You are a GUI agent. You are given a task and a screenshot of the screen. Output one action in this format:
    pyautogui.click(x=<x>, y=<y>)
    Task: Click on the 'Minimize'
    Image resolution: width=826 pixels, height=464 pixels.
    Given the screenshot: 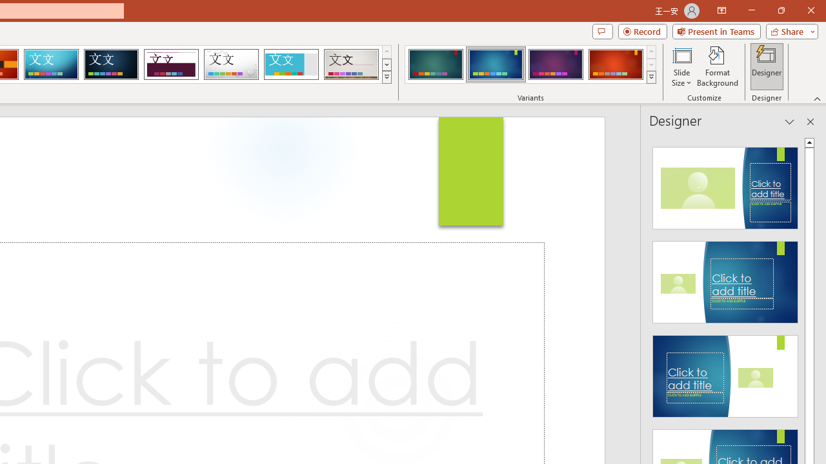 What is the action you would take?
    pyautogui.click(x=751, y=10)
    